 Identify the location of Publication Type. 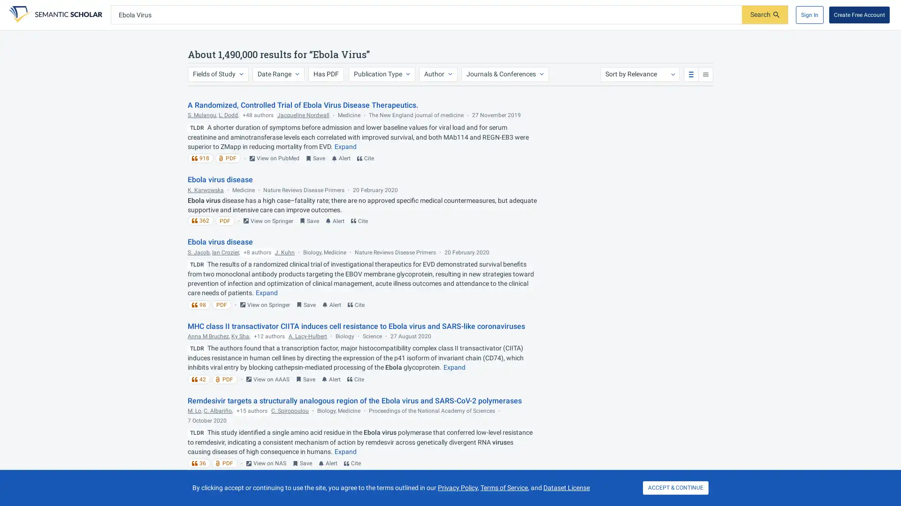
(381, 74).